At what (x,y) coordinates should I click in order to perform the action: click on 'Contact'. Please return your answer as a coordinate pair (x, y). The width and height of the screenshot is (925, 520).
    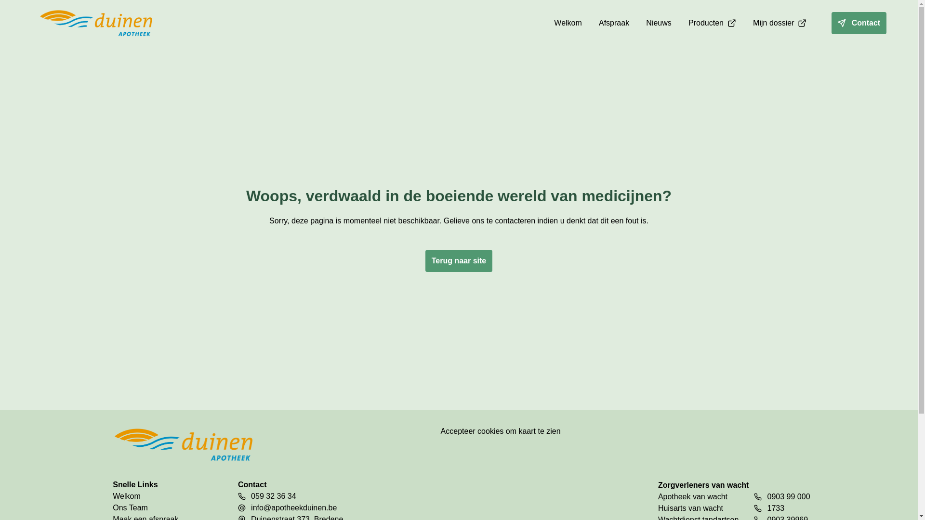
    Looking at the image, I should click on (859, 22).